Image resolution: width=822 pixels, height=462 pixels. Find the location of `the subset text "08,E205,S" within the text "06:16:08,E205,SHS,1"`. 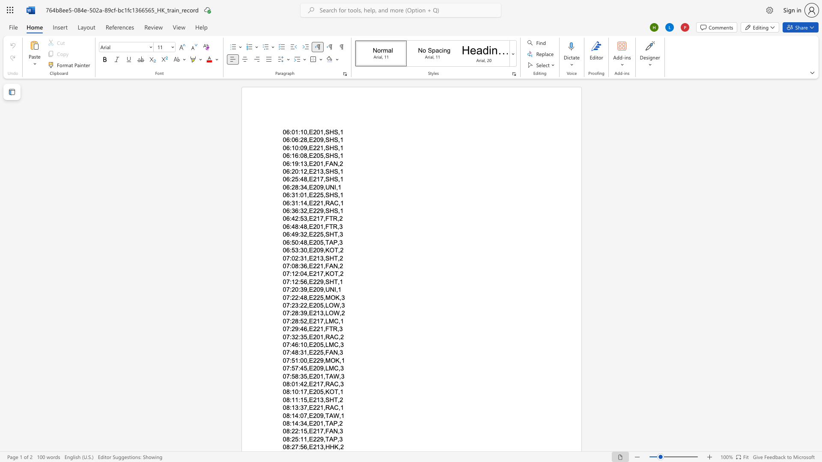

the subset text "08,E205,S" within the text "06:16:08,E205,SHS,1" is located at coordinates (300, 156).